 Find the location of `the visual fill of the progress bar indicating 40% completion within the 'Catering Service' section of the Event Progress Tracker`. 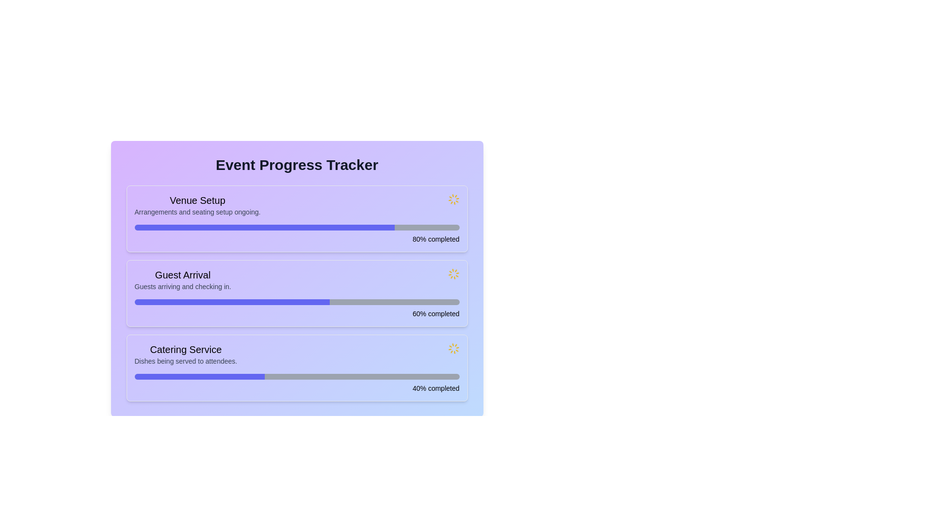

the visual fill of the progress bar indicating 40% completion within the 'Catering Service' section of the Event Progress Tracker is located at coordinates (296, 376).